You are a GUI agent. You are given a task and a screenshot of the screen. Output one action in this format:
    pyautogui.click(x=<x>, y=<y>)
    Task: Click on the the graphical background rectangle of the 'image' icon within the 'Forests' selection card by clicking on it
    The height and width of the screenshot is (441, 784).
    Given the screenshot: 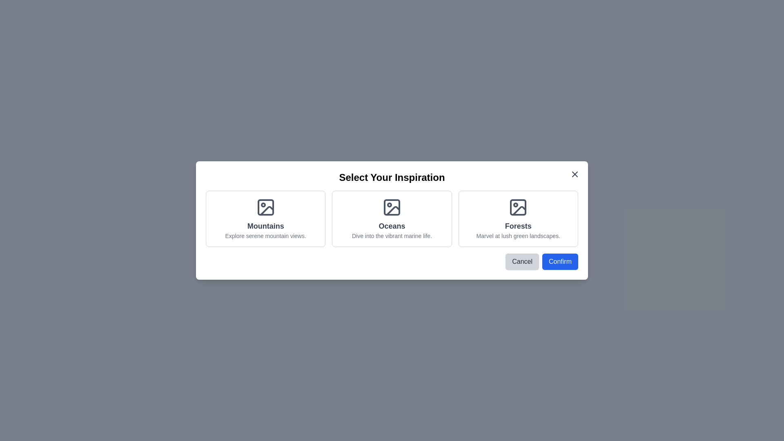 What is the action you would take?
    pyautogui.click(x=518, y=207)
    